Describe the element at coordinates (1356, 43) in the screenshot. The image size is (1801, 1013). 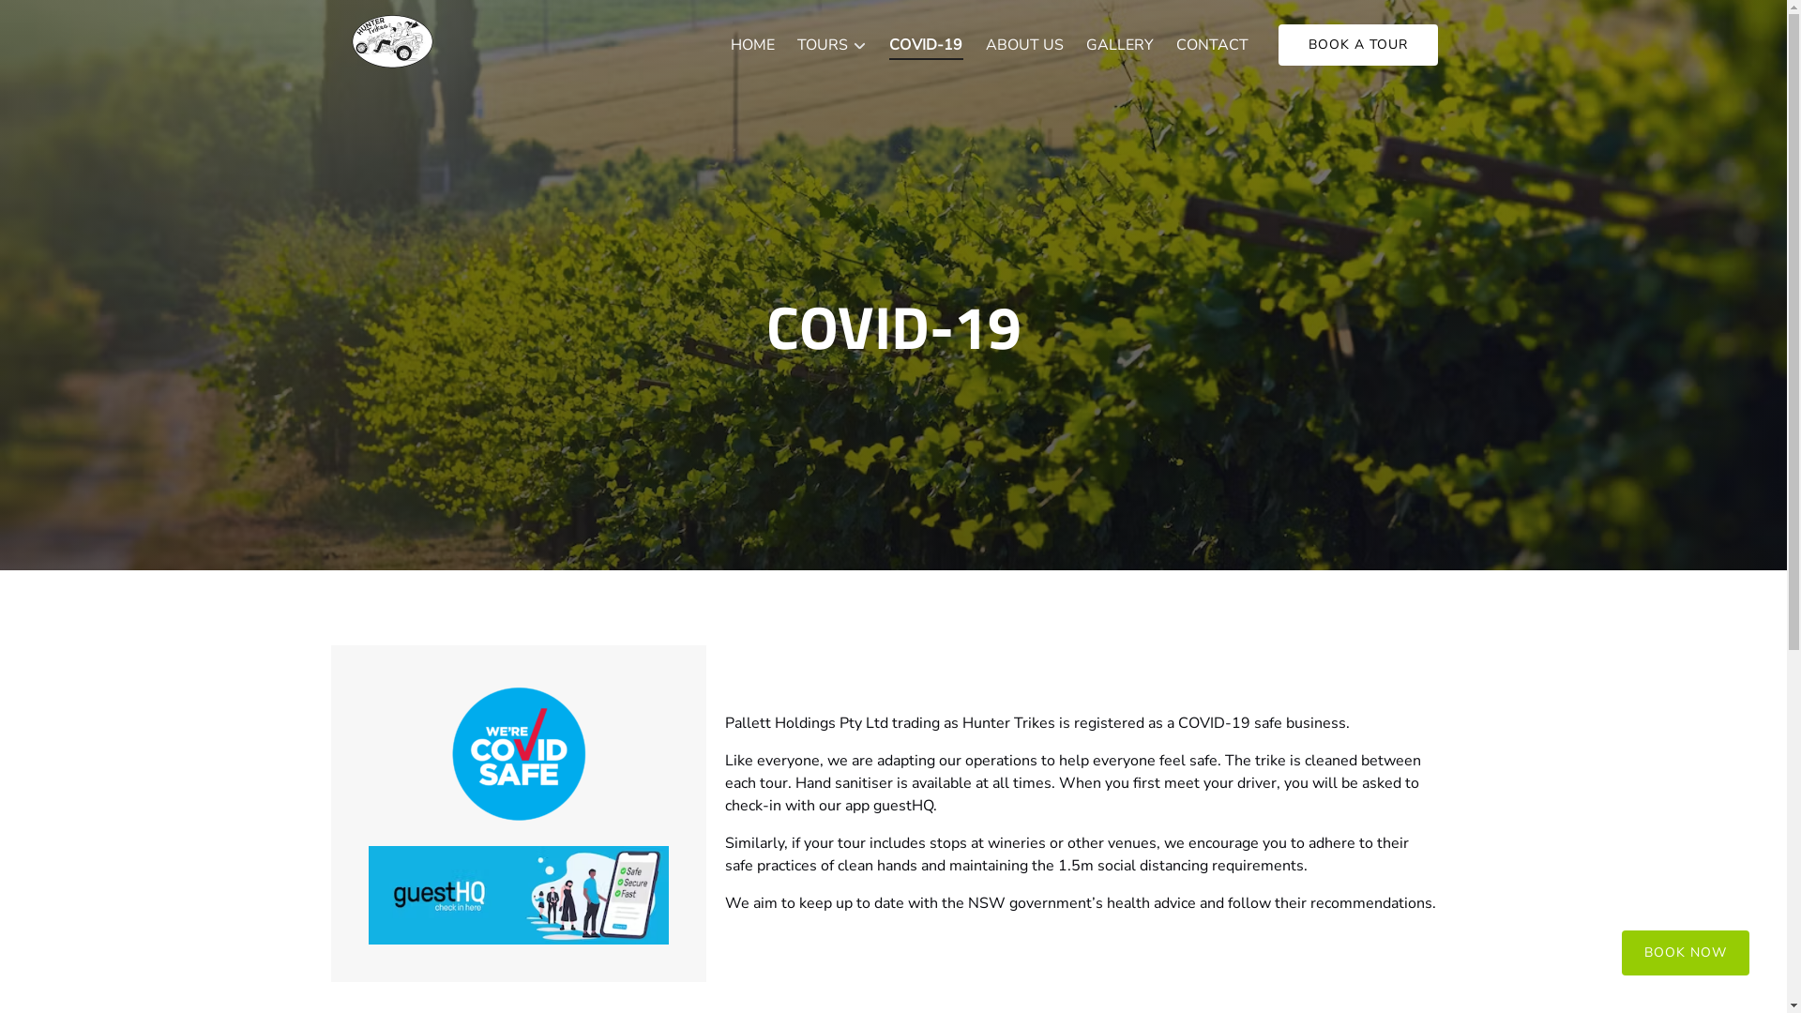
I see `'BOOK A TOUR'` at that location.